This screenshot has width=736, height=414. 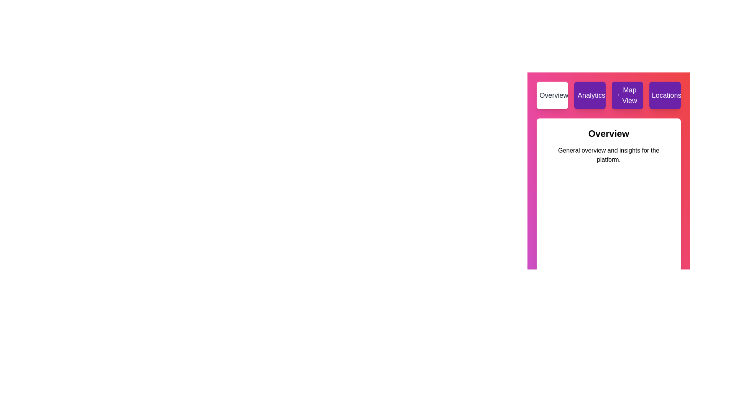 What do you see at coordinates (666, 95) in the screenshot?
I see `the 'Locations' button, which is the fourth item in the navigation bar with a purple background and white text, to trigger its hover effect` at bounding box center [666, 95].